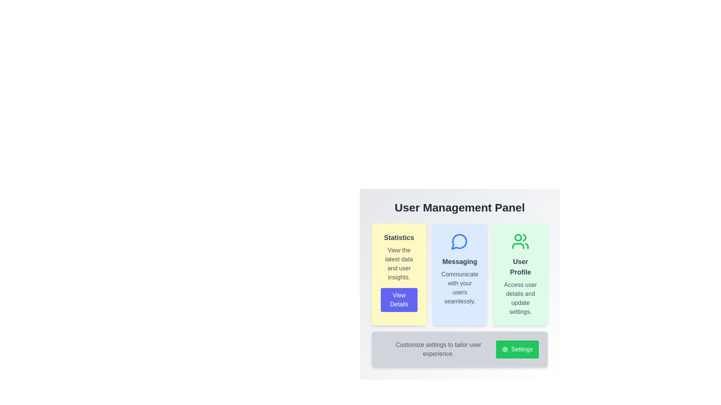  Describe the element at coordinates (459, 261) in the screenshot. I see `label or header text for the 'Messaging' feature in the User Management Panel, which is centrally aligned in the blue section` at that location.